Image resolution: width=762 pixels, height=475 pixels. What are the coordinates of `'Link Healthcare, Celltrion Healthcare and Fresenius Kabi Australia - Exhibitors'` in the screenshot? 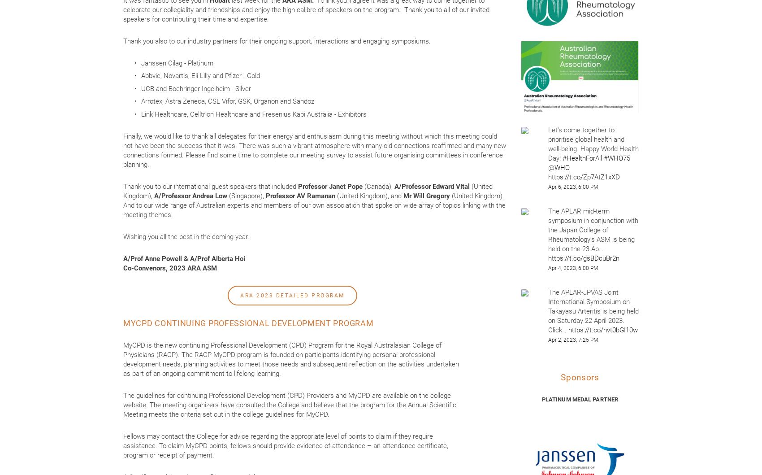 It's located at (253, 113).